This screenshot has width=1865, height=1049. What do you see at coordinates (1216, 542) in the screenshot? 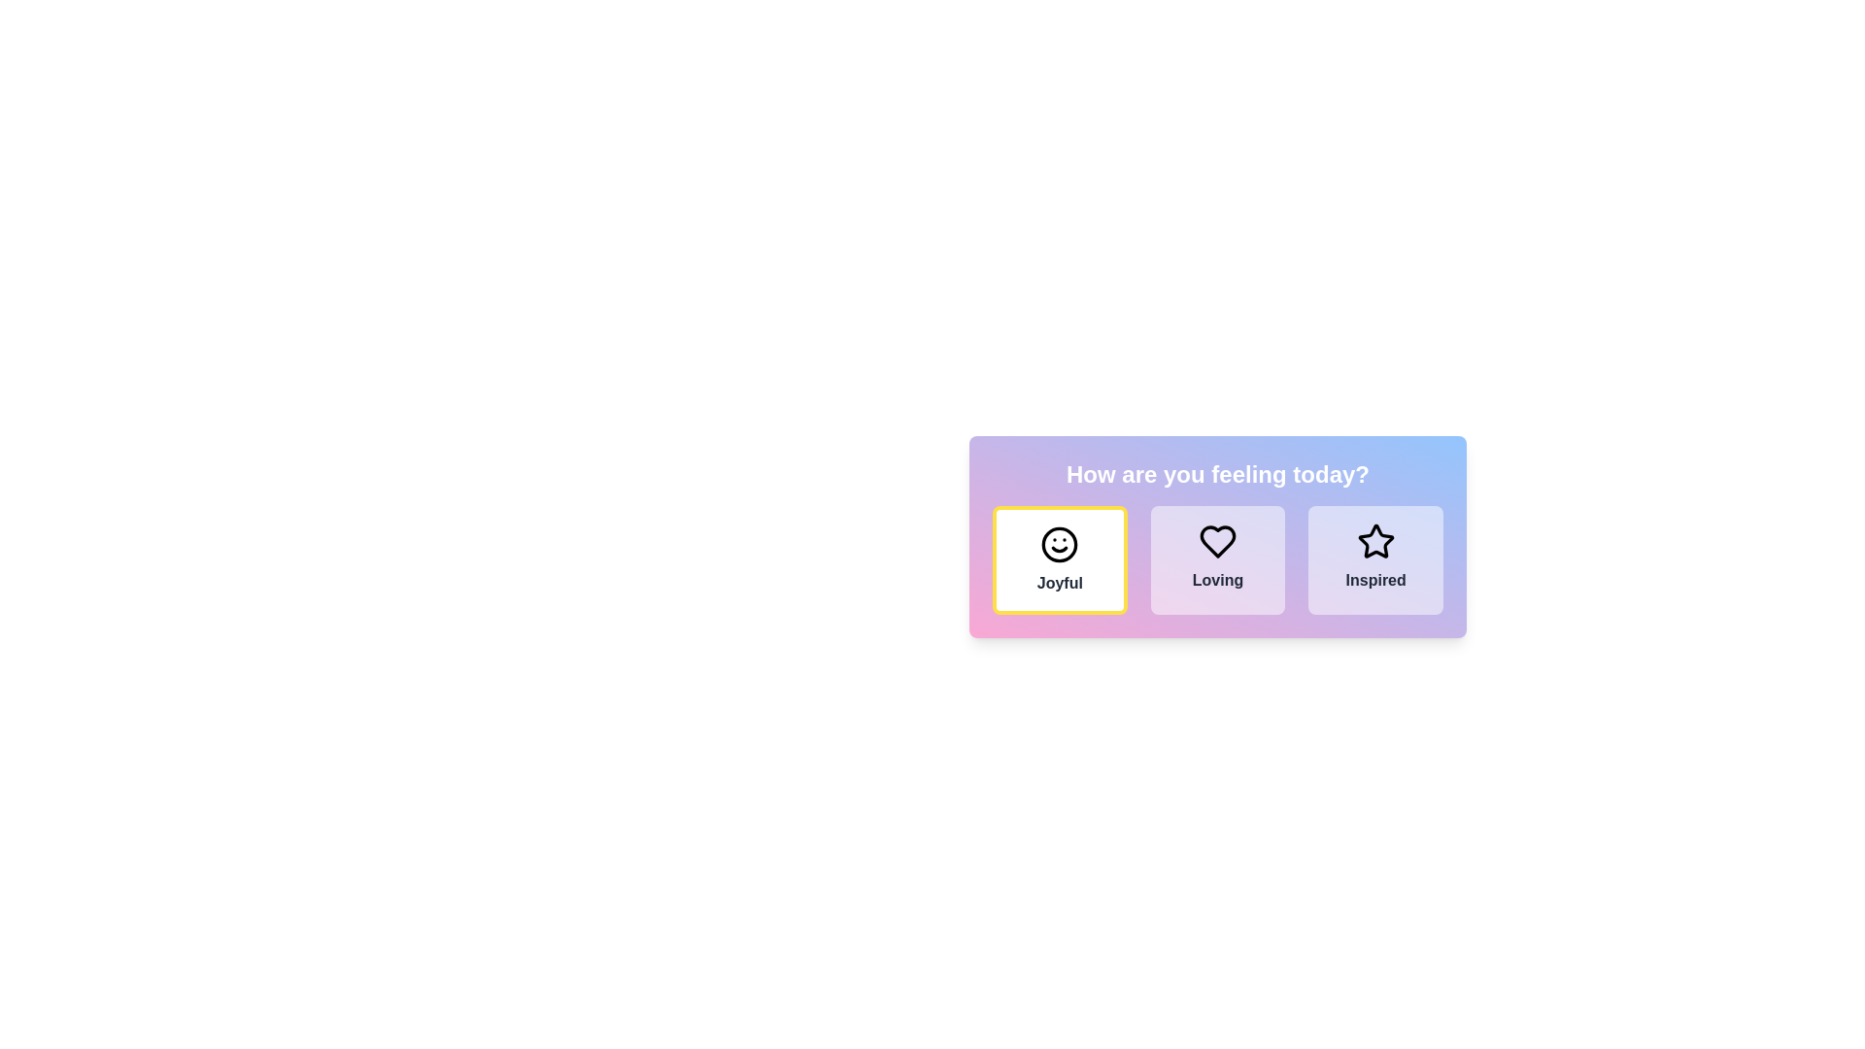
I see `the central Icon Button that conveys the emotion 'Loving'` at bounding box center [1216, 542].